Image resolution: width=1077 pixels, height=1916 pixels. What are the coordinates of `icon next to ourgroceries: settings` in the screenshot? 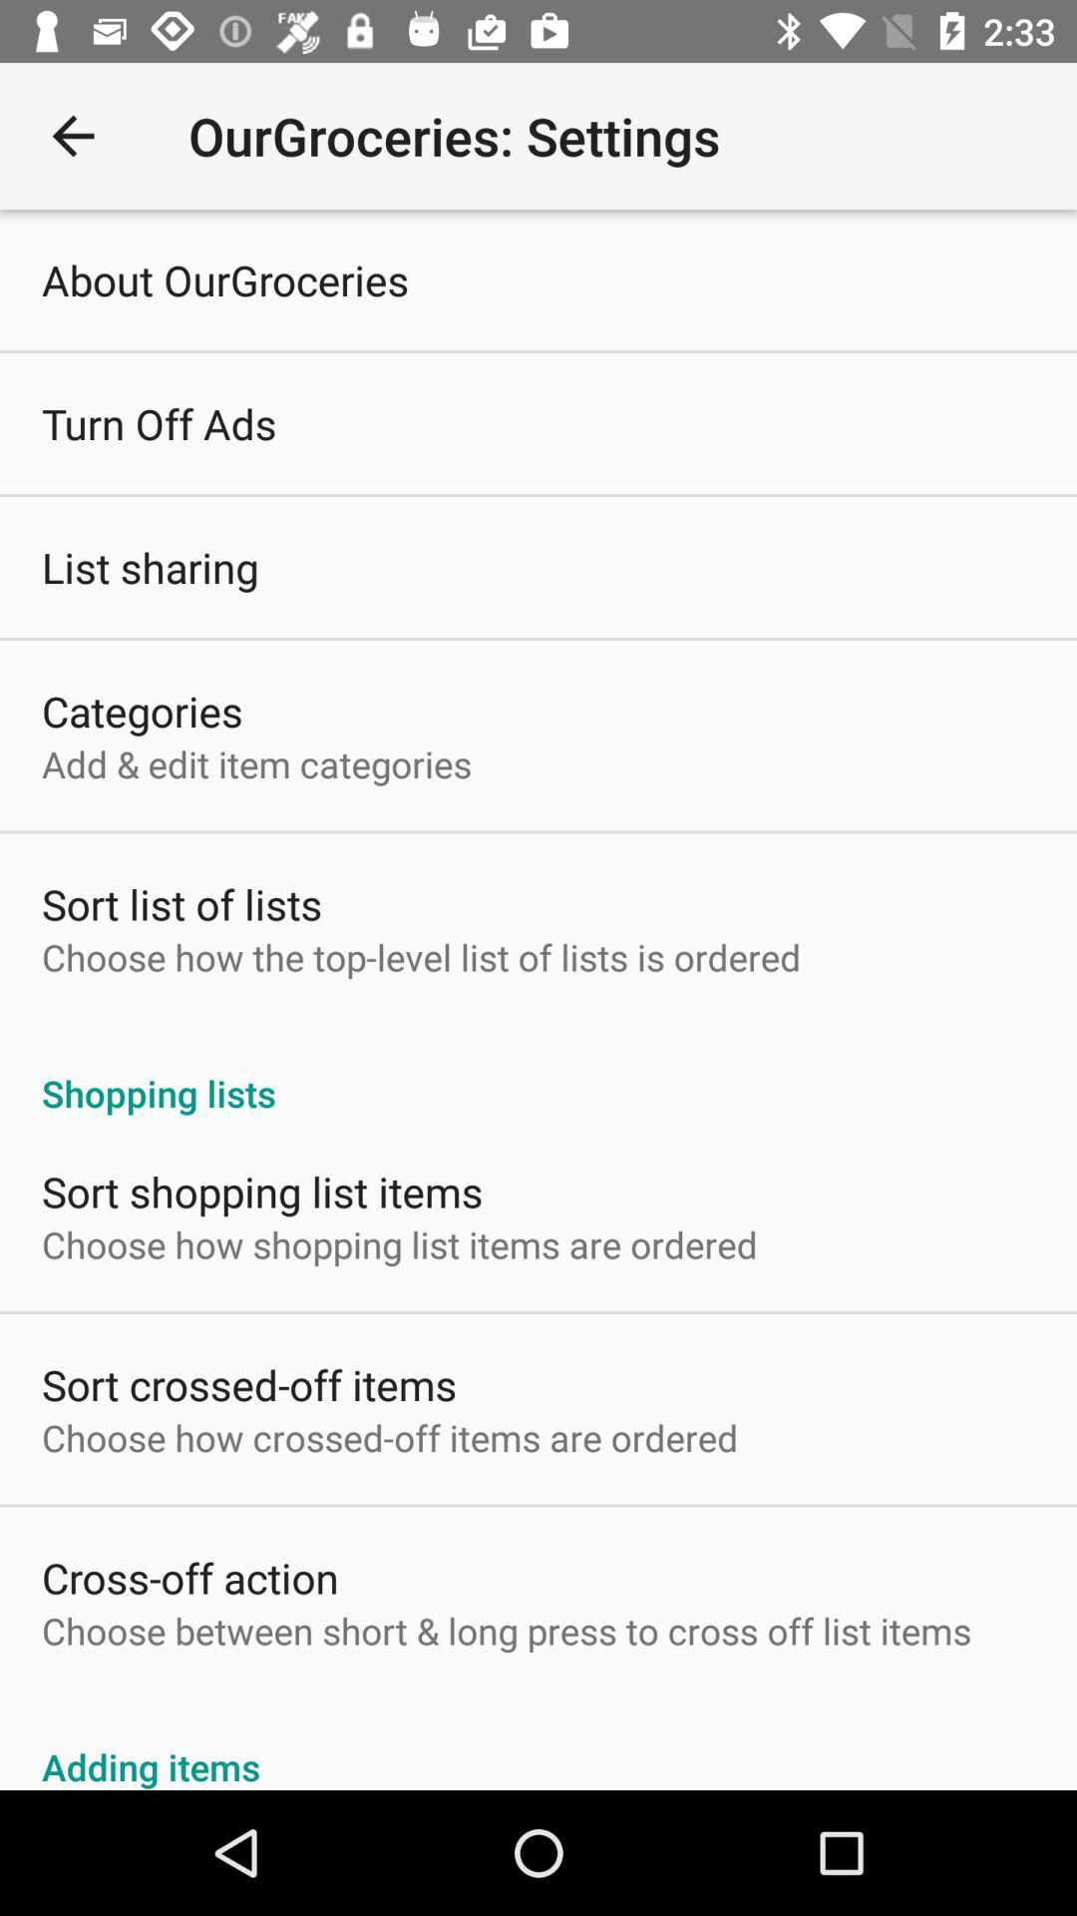 It's located at (72, 135).